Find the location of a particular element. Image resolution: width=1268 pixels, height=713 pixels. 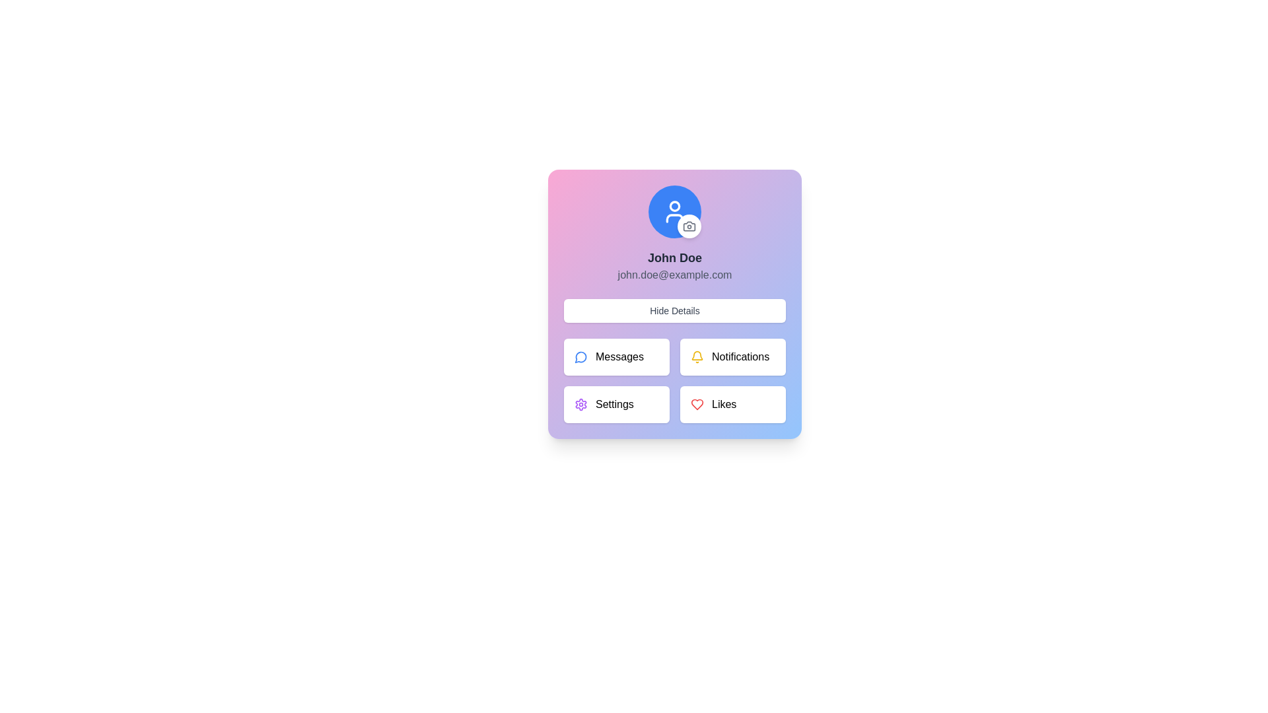

the 'Hide Details' button, which is a rectangular button with rounded corners, white background, and centered gray text, located below the user's name and email, and above a grid of buttons is located at coordinates (675, 310).